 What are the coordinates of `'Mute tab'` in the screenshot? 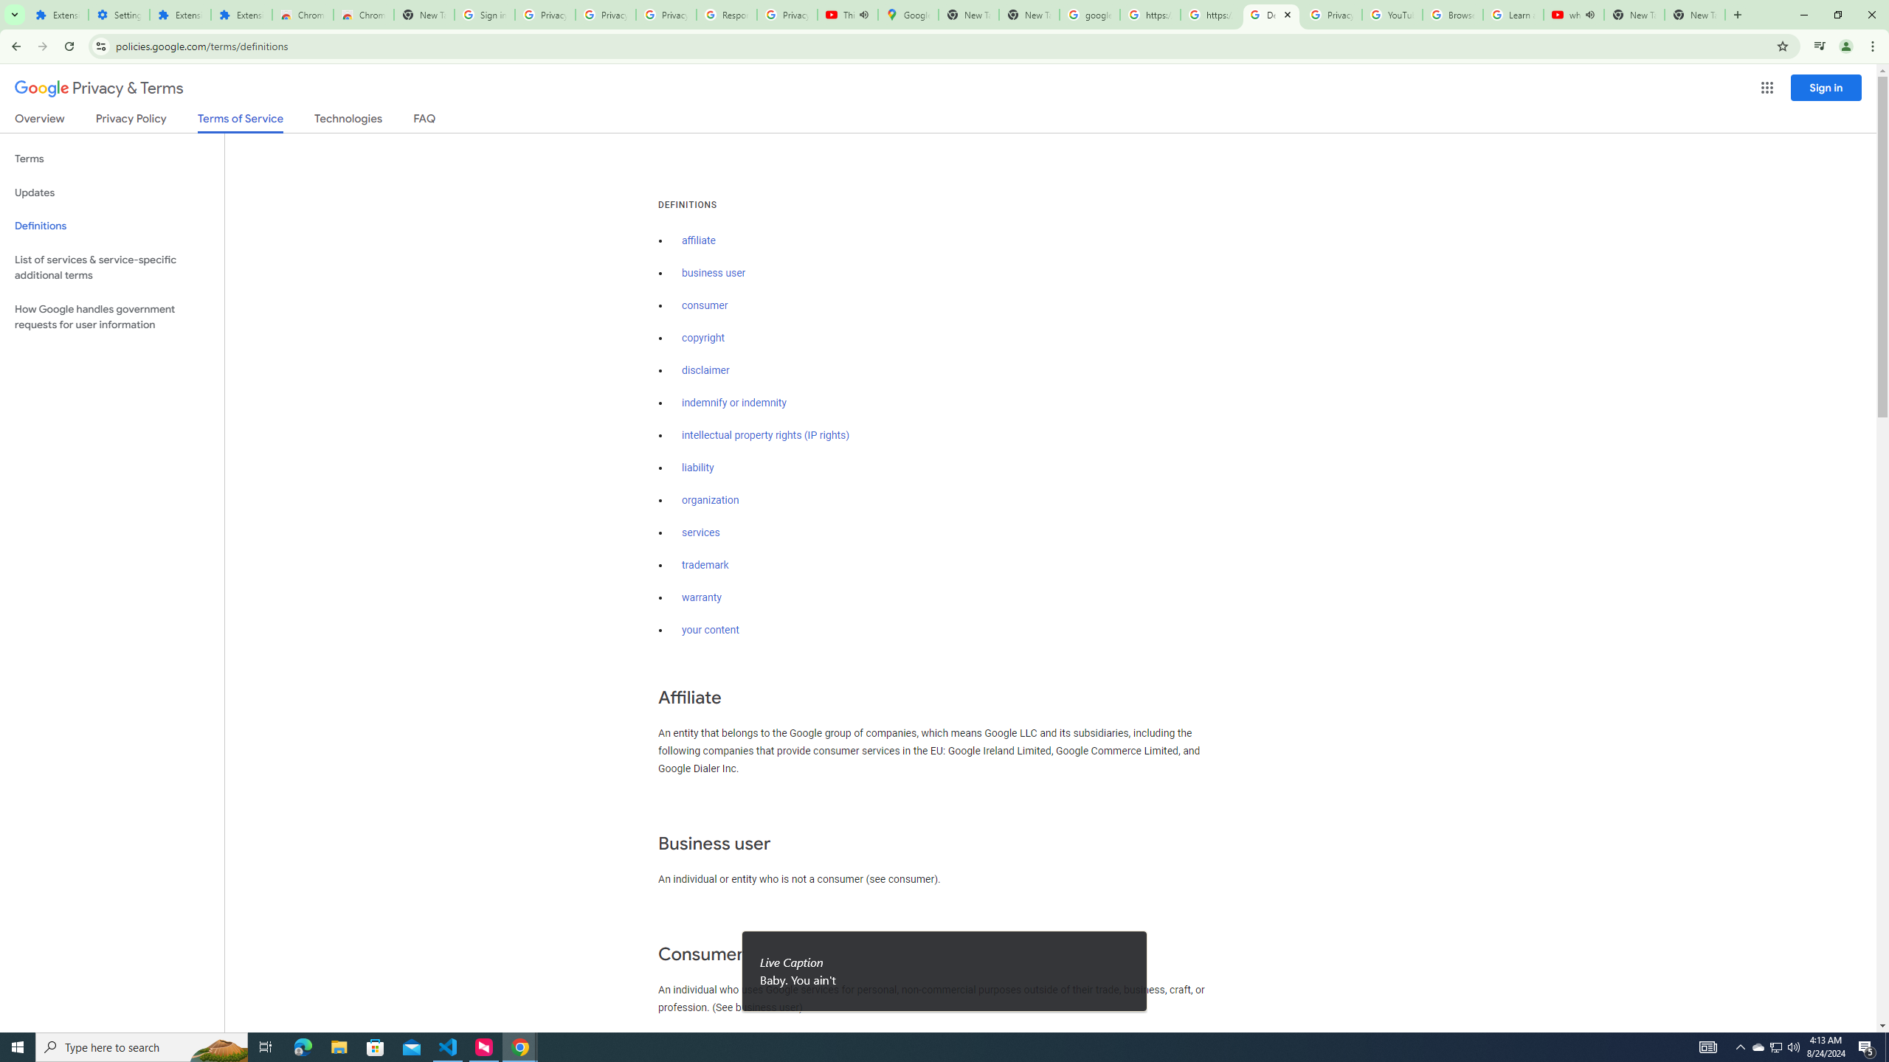 It's located at (1590, 14).